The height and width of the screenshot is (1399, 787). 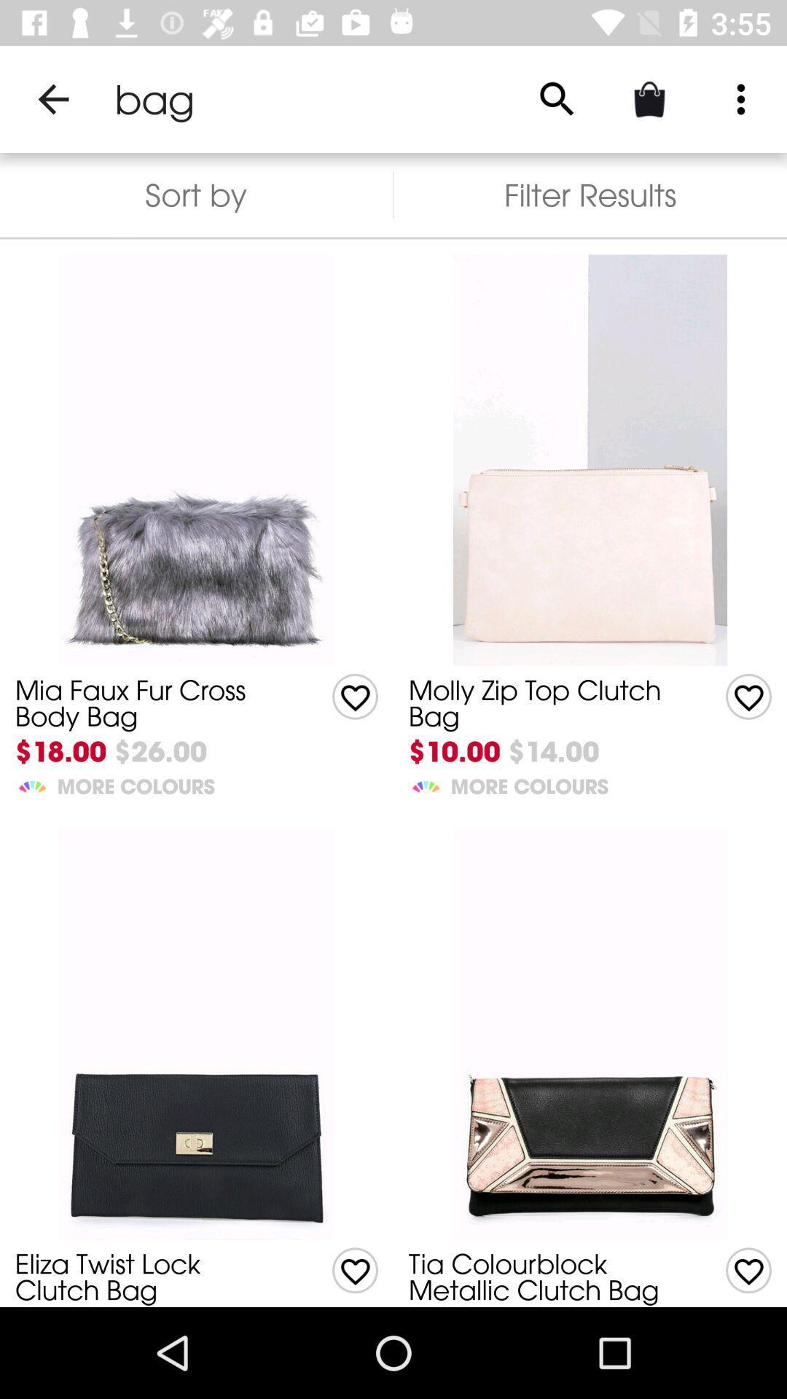 I want to click on the item above the $18.00 icon, so click(x=544, y=1276).